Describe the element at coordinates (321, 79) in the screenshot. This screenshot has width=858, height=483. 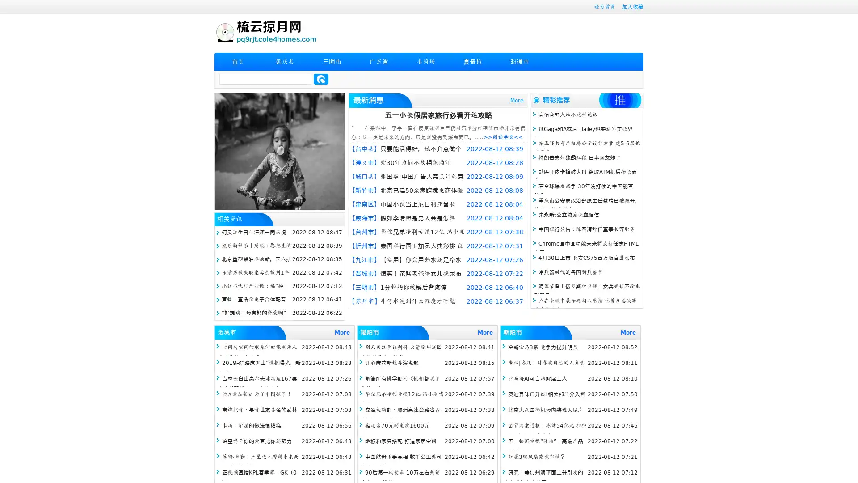
I see `Search` at that location.